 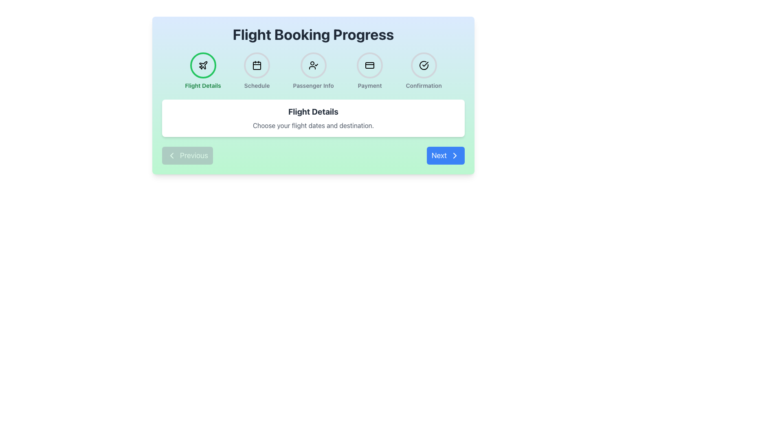 I want to click on the 'Flight Details' text label in the navigation bar, so click(x=203, y=86).